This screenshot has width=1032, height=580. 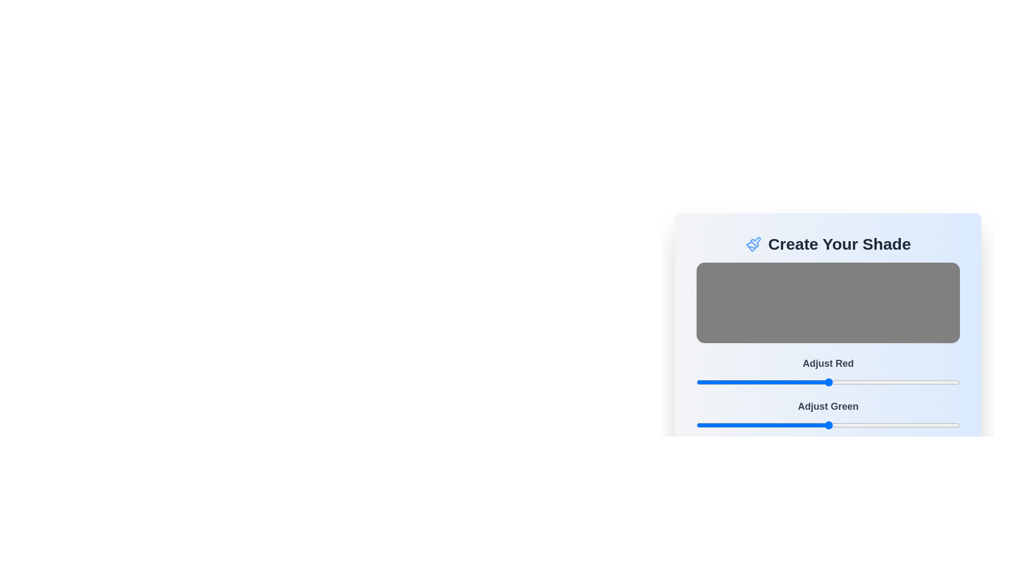 What do you see at coordinates (876, 382) in the screenshot?
I see `the red color slider to 174` at bounding box center [876, 382].